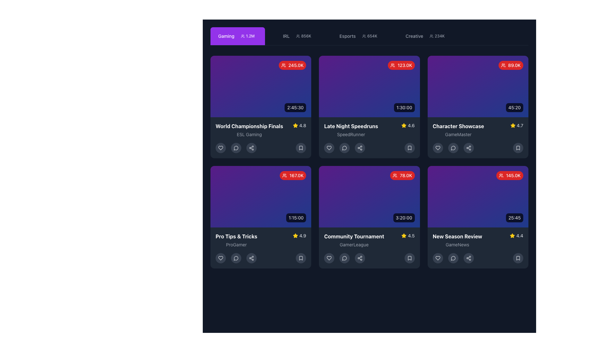 This screenshot has height=346, width=616. What do you see at coordinates (235, 148) in the screenshot?
I see `the circular button with a chat bubble icon, which is the second button from the left in the row at the bottom of the 'World Championship Finals' card` at bounding box center [235, 148].